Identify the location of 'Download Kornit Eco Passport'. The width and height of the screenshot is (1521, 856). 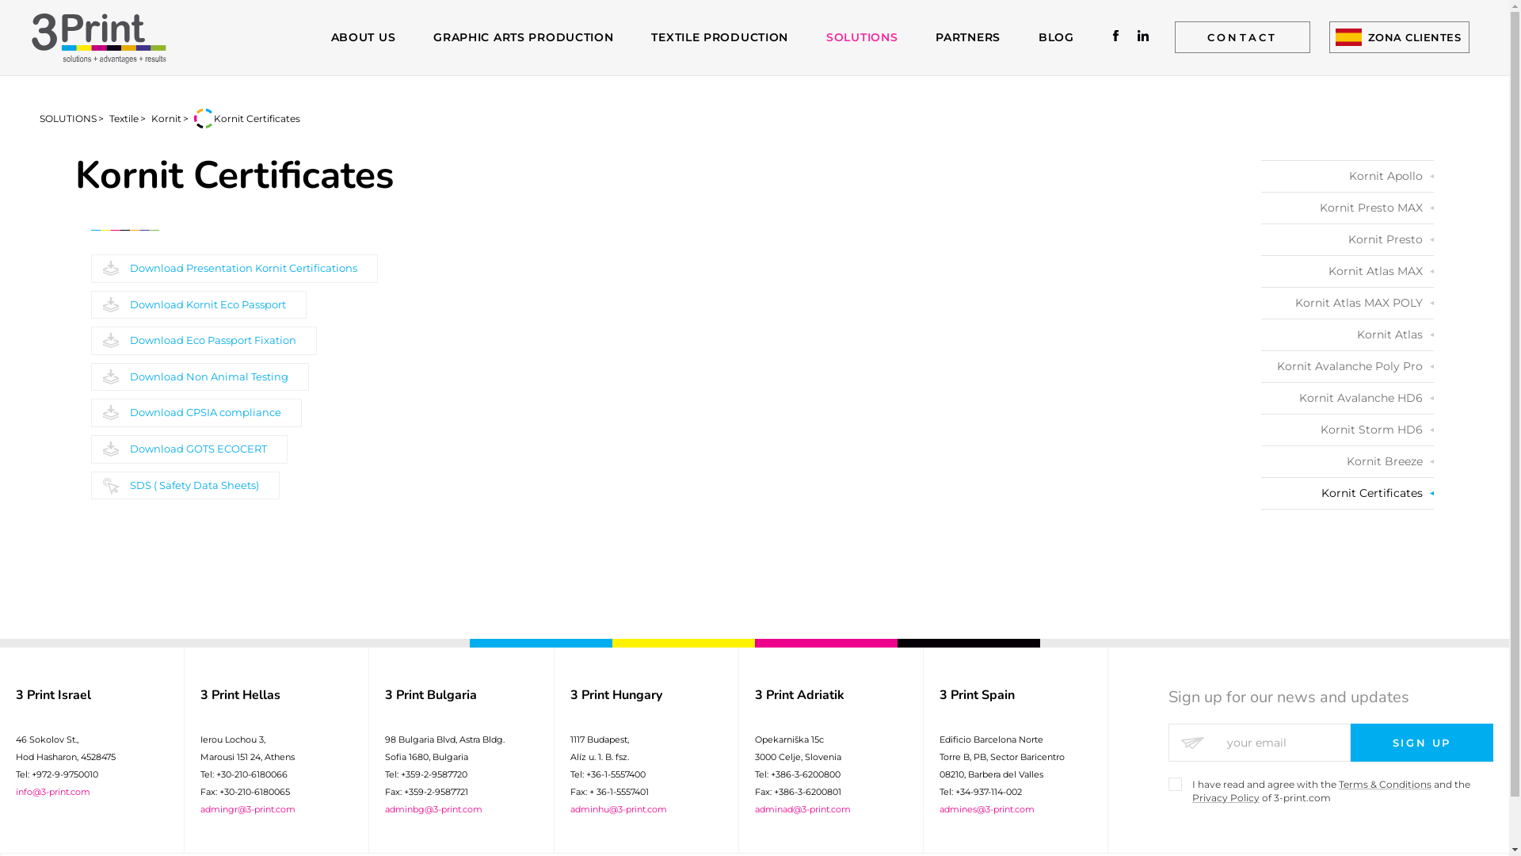
(197, 305).